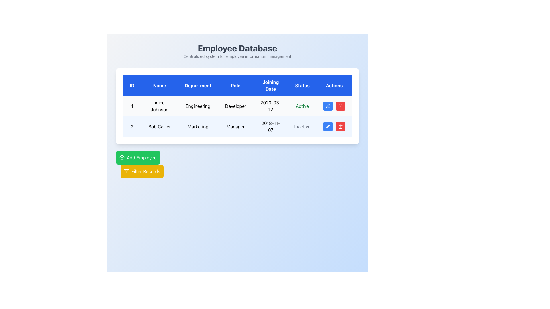  Describe the element at coordinates (142, 158) in the screenshot. I see `the 'Add Employee' text label within the green button` at that location.